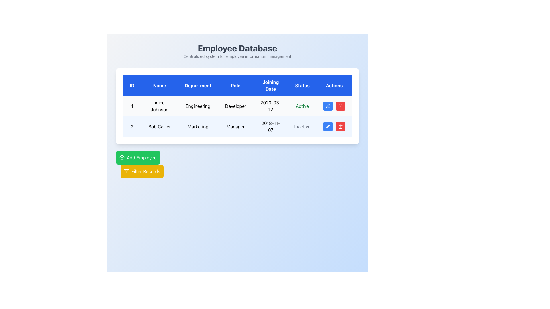  Describe the element at coordinates (142, 158) in the screenshot. I see `the 'Add Employee' text label within the green button` at that location.